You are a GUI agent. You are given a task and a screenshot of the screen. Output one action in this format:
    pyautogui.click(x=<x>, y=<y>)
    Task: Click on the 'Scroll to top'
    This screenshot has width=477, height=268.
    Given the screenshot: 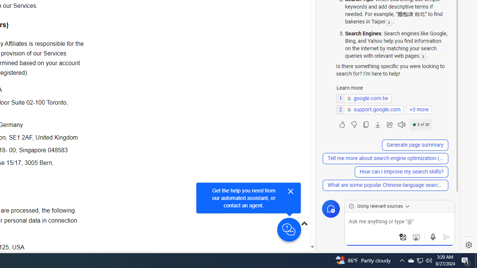 What is the action you would take?
    pyautogui.click(x=304, y=223)
    